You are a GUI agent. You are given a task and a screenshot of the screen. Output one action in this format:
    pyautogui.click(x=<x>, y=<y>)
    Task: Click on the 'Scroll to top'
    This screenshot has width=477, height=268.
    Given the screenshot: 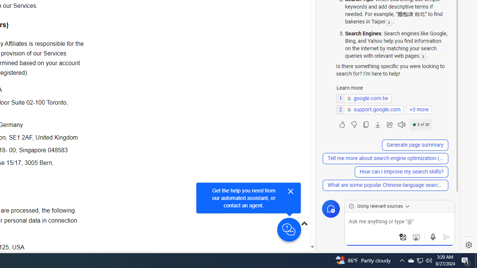 What is the action you would take?
    pyautogui.click(x=304, y=223)
    